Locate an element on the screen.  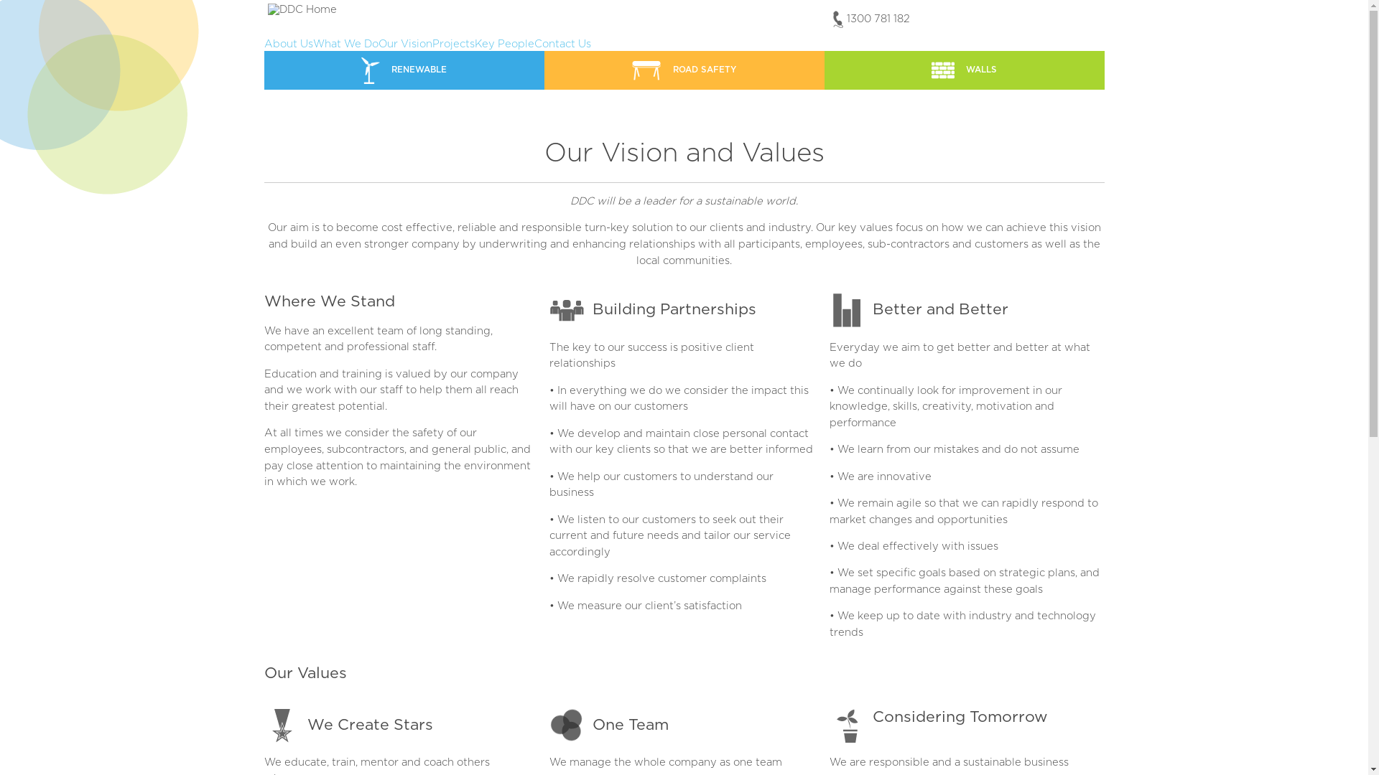
'   WALLS' is located at coordinates (965, 70).